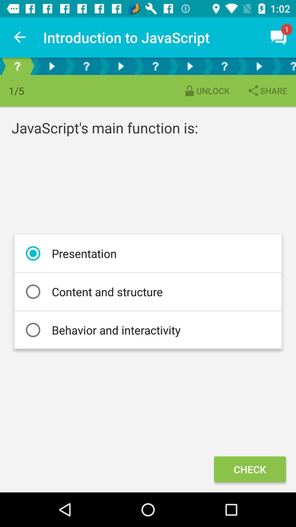  What do you see at coordinates (206, 91) in the screenshot?
I see `icon next to share icon` at bounding box center [206, 91].